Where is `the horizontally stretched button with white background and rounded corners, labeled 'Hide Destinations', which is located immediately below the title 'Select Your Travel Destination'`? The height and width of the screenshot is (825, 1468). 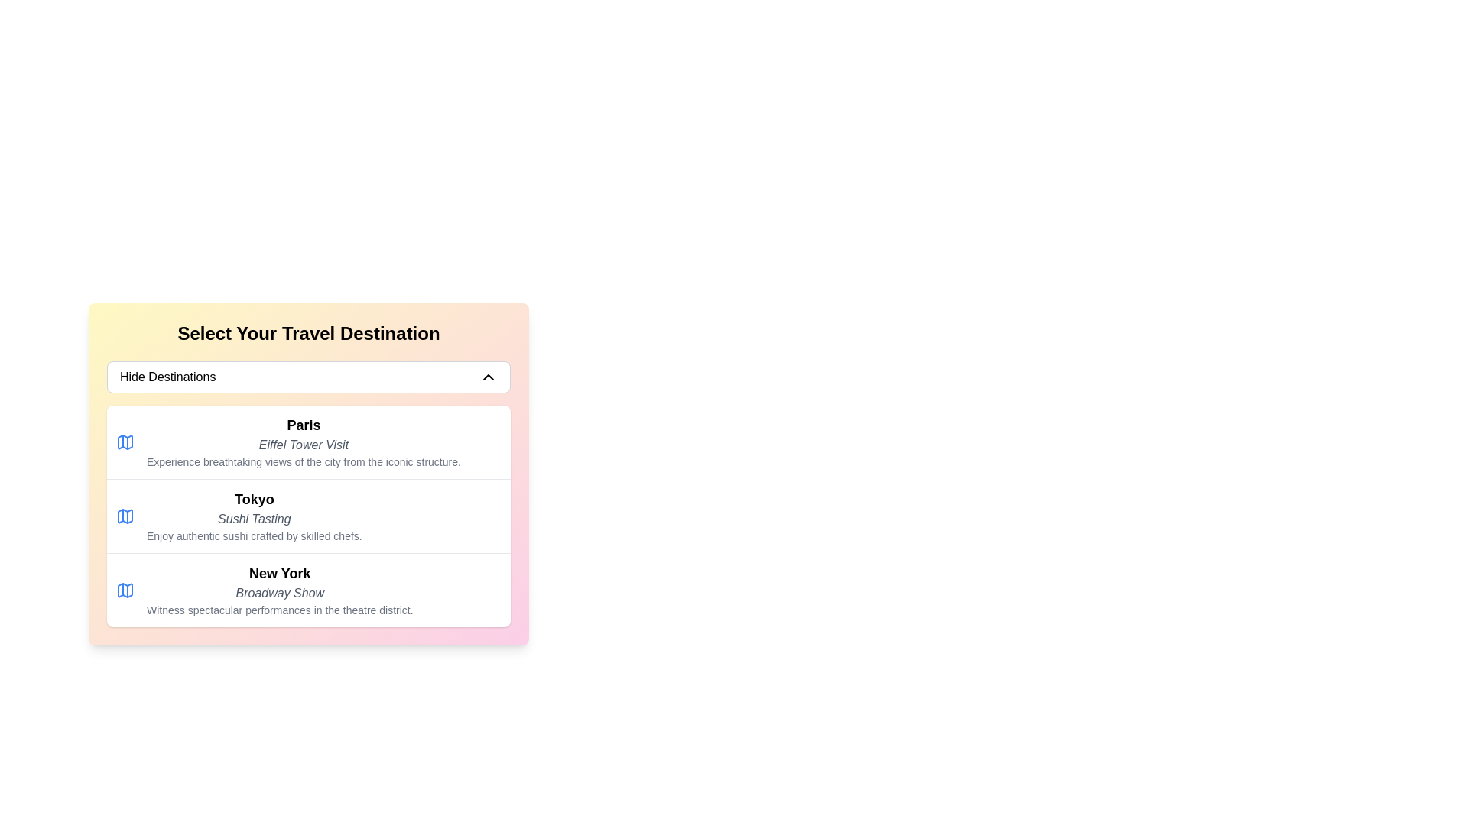 the horizontally stretched button with white background and rounded corners, labeled 'Hide Destinations', which is located immediately below the title 'Select Your Travel Destination' is located at coordinates (307, 377).